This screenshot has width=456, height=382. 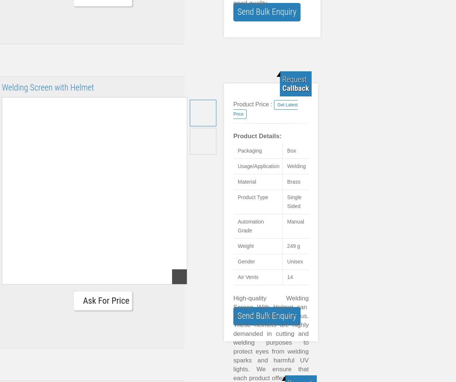 I want to click on 'Product Price :', so click(x=252, y=104).